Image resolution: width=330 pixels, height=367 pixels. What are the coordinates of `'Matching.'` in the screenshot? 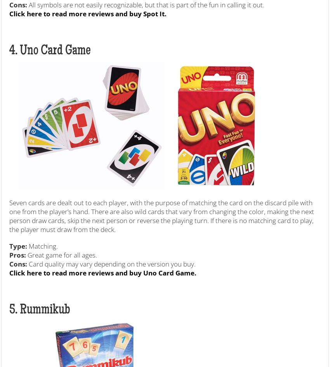 It's located at (42, 246).